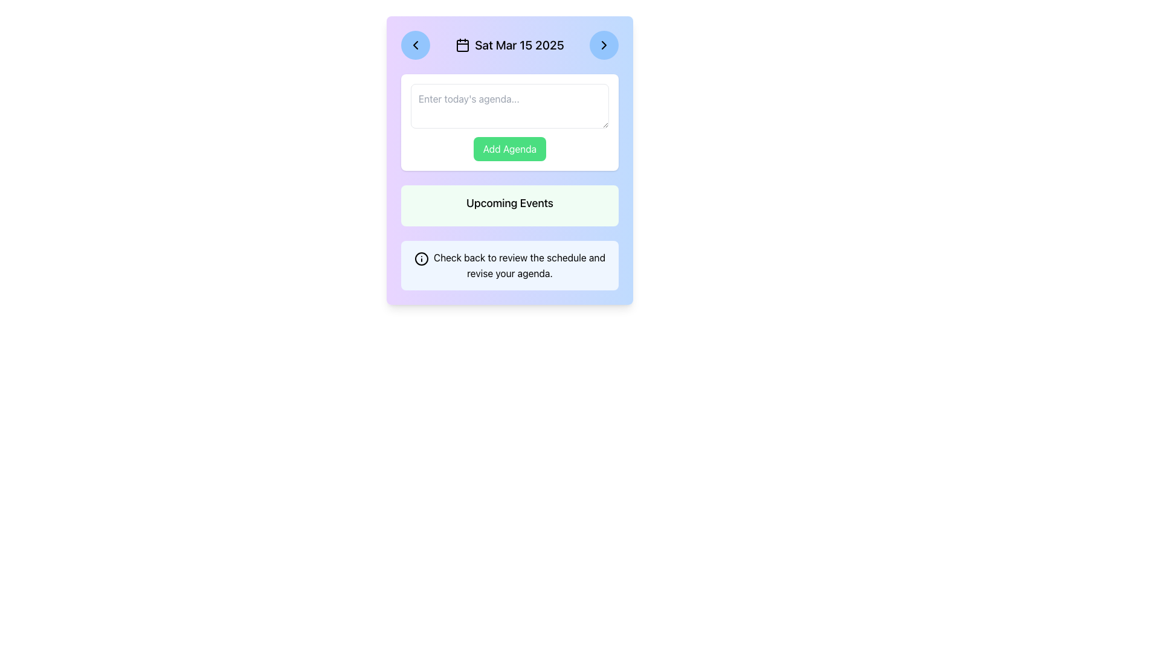  Describe the element at coordinates (415, 44) in the screenshot. I see `the circular button with a light blue background and a chevron-left icon` at that location.